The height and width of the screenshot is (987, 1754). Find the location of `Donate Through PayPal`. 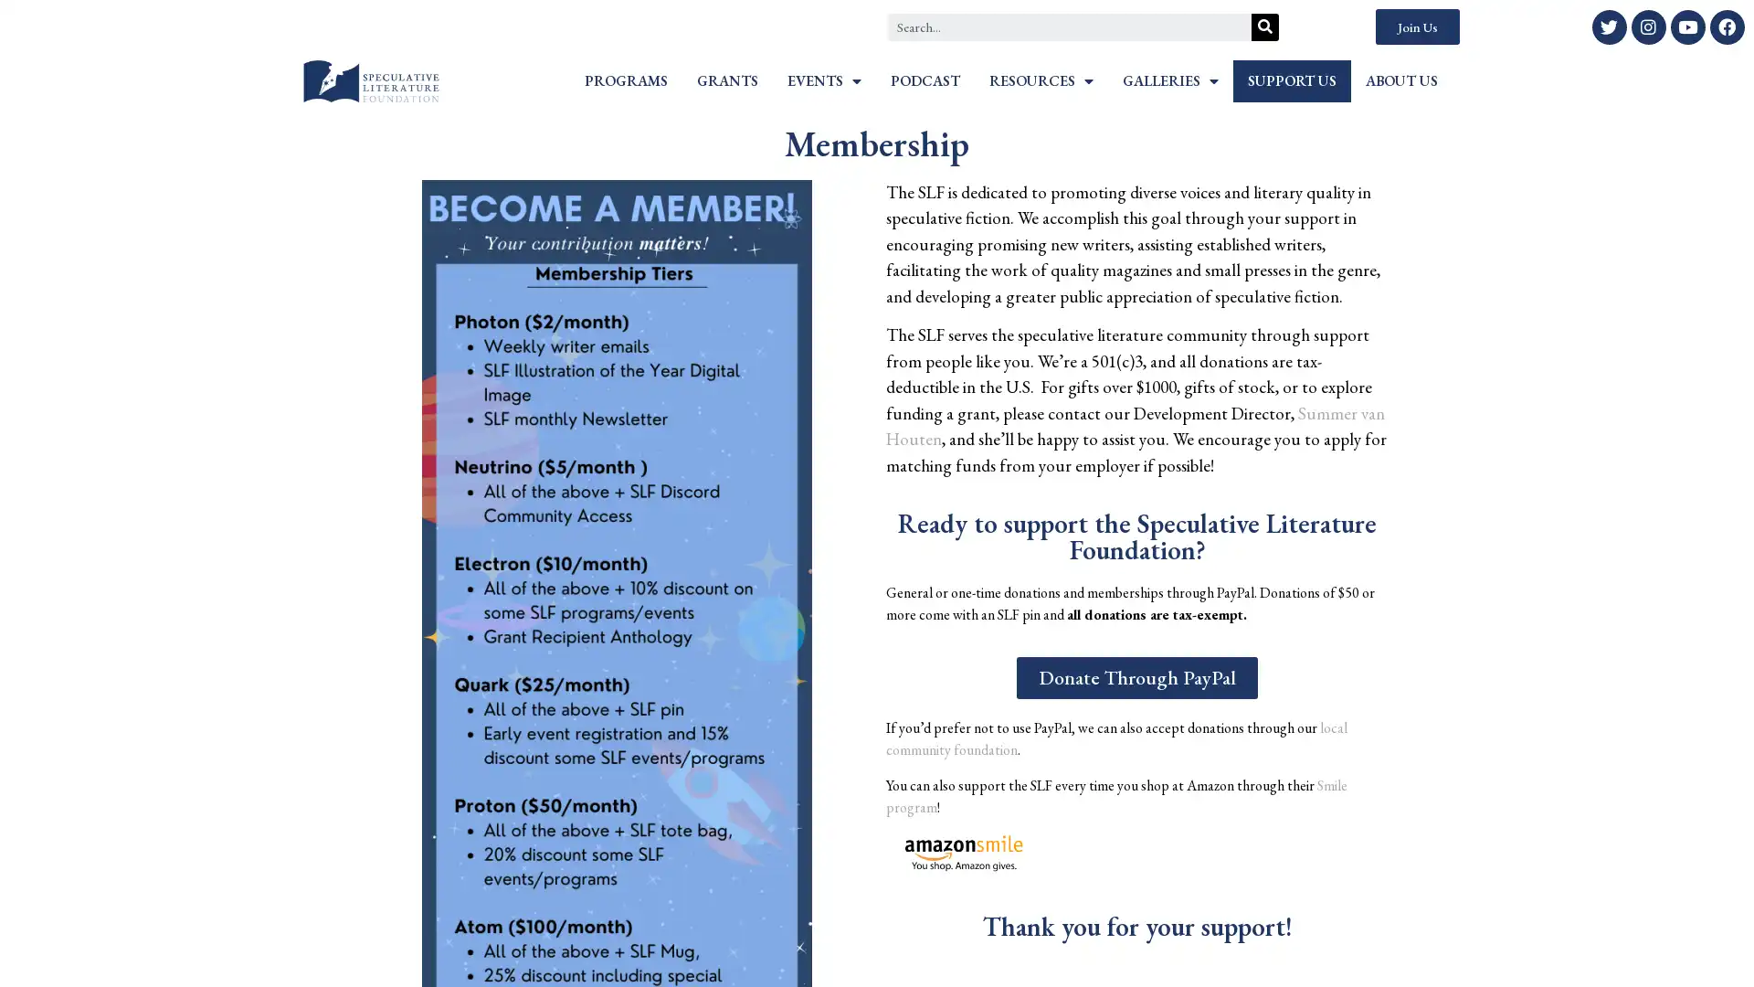

Donate Through PayPal is located at coordinates (1136, 677).